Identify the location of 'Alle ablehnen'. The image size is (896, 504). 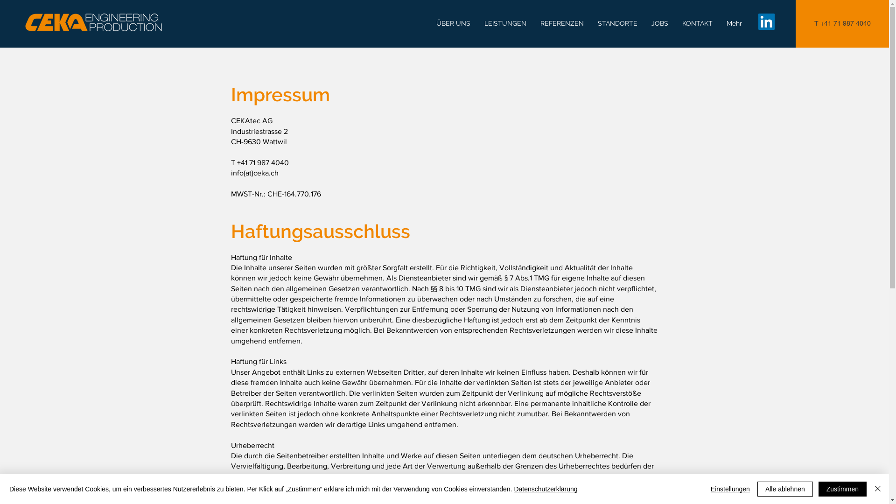
(757, 489).